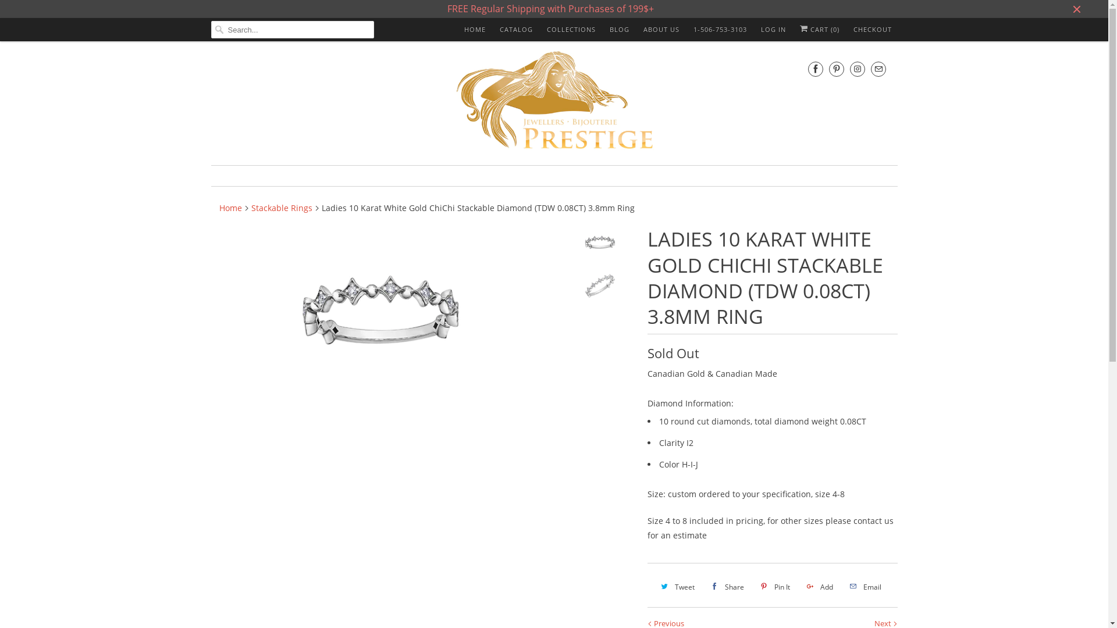 The width and height of the screenshot is (1117, 628). Describe the element at coordinates (720, 28) in the screenshot. I see `'1-506-753-3103'` at that location.